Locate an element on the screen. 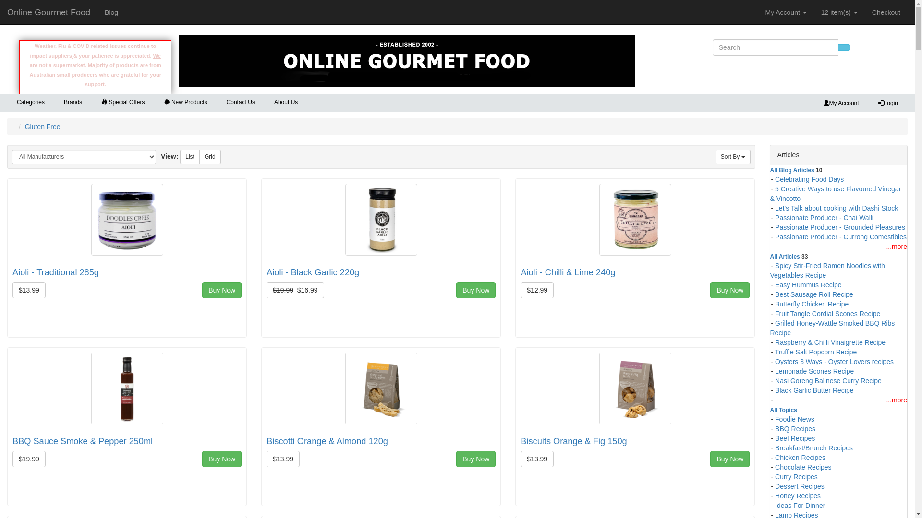  'Best Sausage Roll Recipe' is located at coordinates (813, 293).